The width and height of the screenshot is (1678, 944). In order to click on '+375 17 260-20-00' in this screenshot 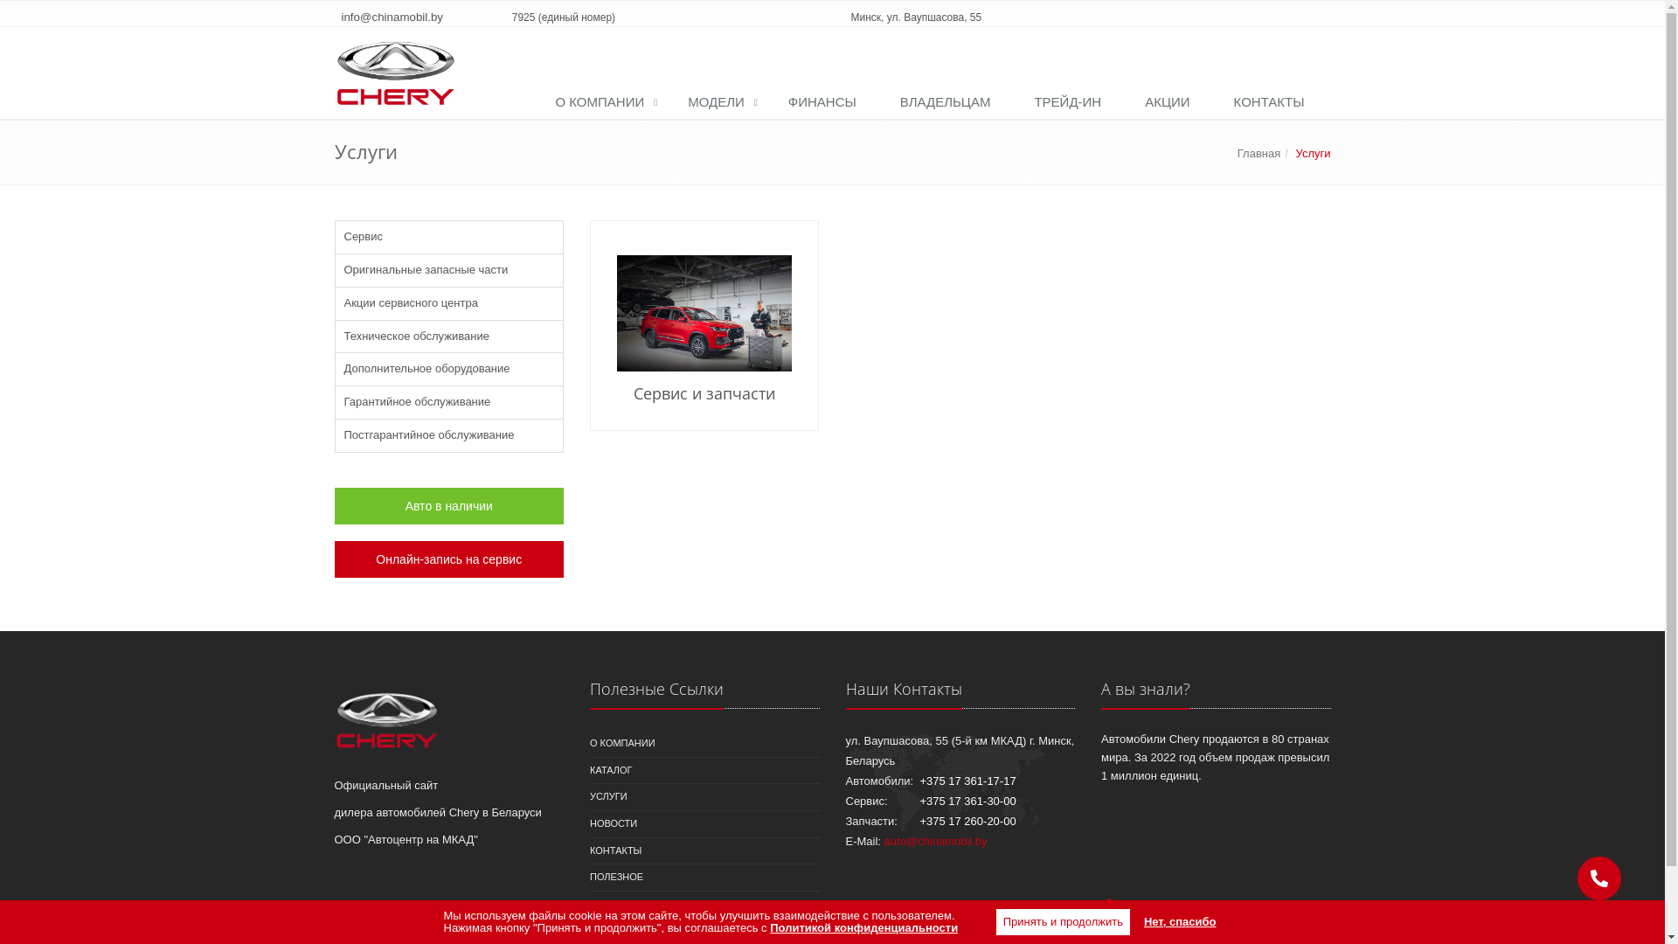, I will do `click(967, 821)`.